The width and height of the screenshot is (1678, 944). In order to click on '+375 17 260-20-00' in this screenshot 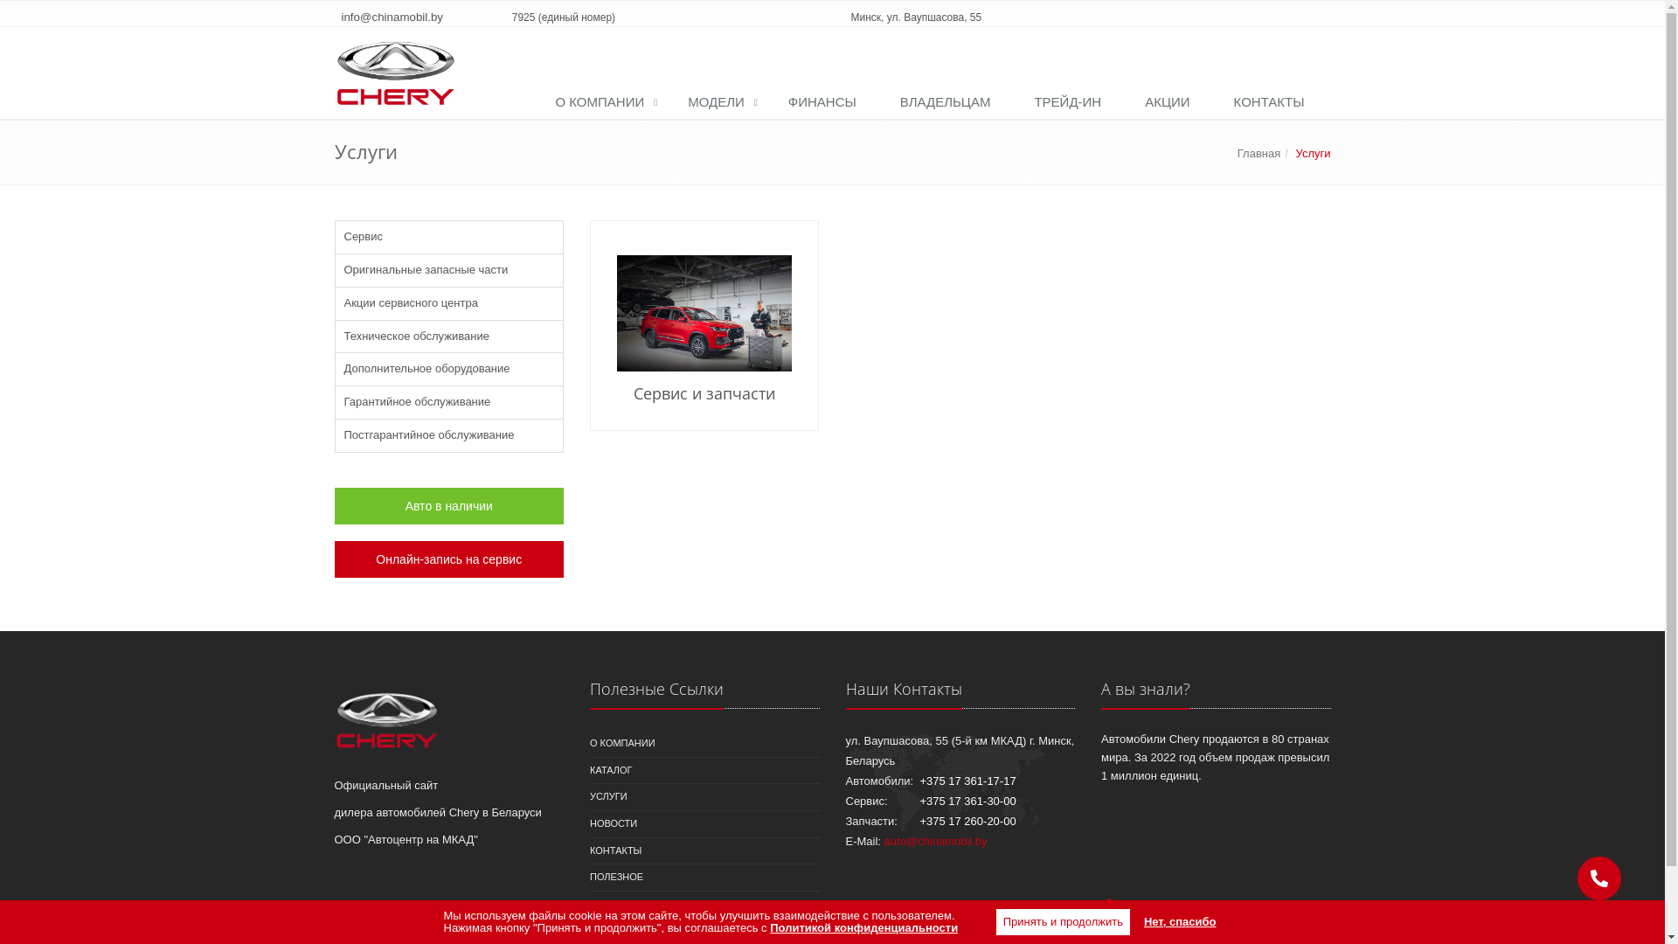, I will do `click(967, 821)`.